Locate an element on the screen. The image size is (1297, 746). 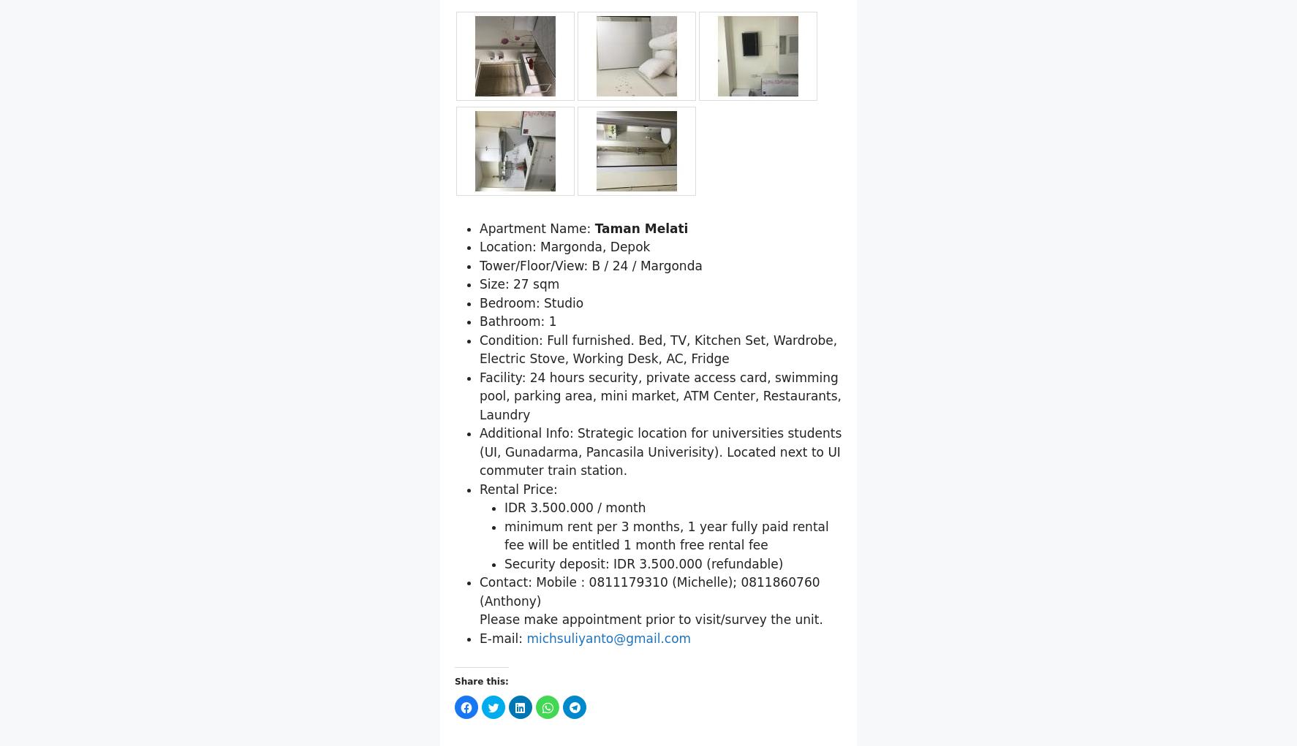
'Condition: Full furnished. Bed, TV, Kitchen Set, Wardrobe, Electric Stove, Working Desk, AC, Fridge' is located at coordinates (657, 424).